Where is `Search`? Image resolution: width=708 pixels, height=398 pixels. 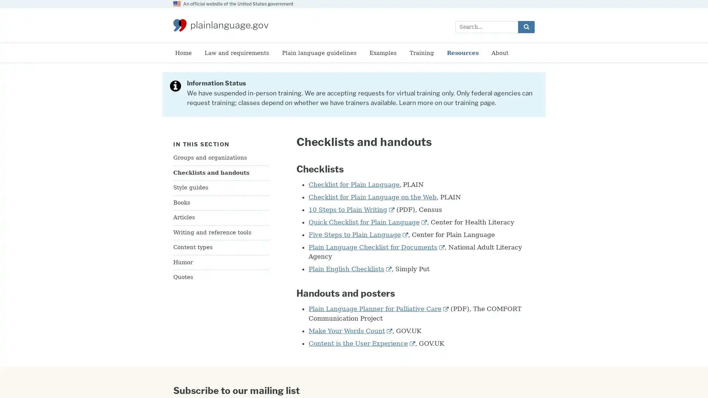
Search is located at coordinates (526, 26).